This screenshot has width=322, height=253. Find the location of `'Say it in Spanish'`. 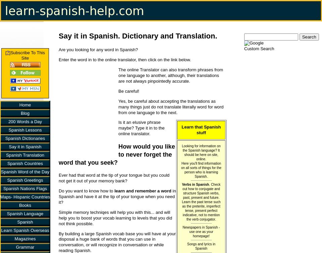

'Say it in Spanish' is located at coordinates (8, 146).